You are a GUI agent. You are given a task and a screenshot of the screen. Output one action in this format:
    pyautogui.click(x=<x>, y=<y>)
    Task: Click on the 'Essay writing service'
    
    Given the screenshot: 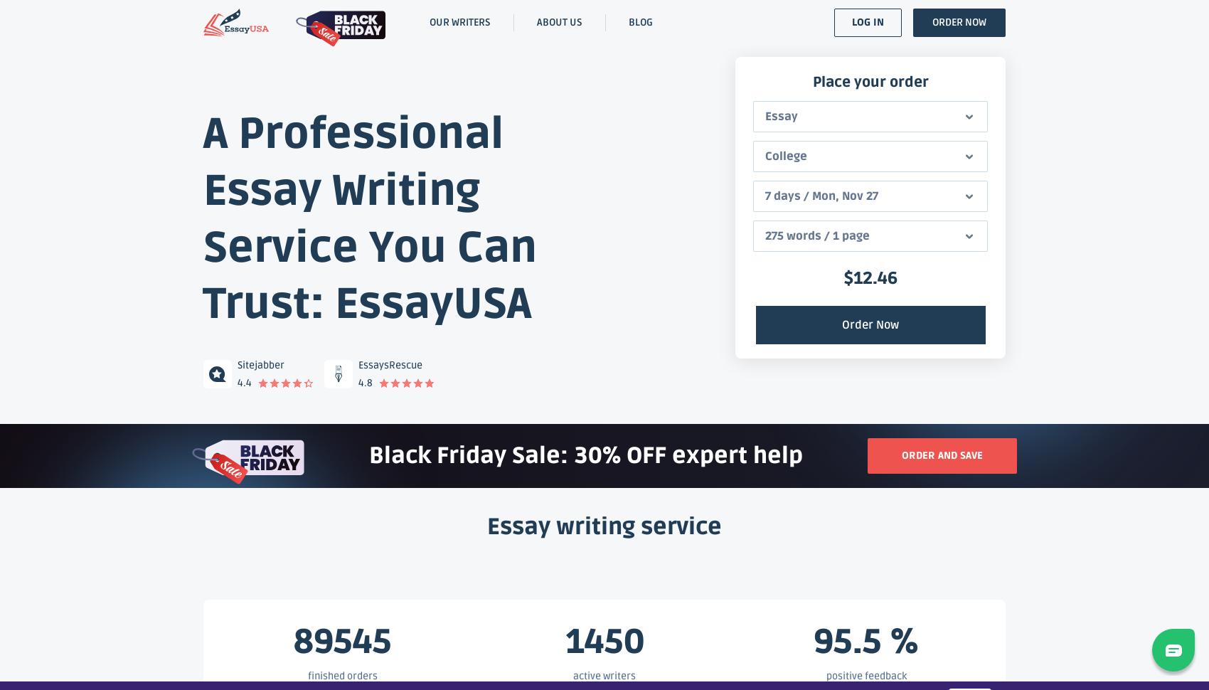 What is the action you would take?
    pyautogui.click(x=486, y=526)
    